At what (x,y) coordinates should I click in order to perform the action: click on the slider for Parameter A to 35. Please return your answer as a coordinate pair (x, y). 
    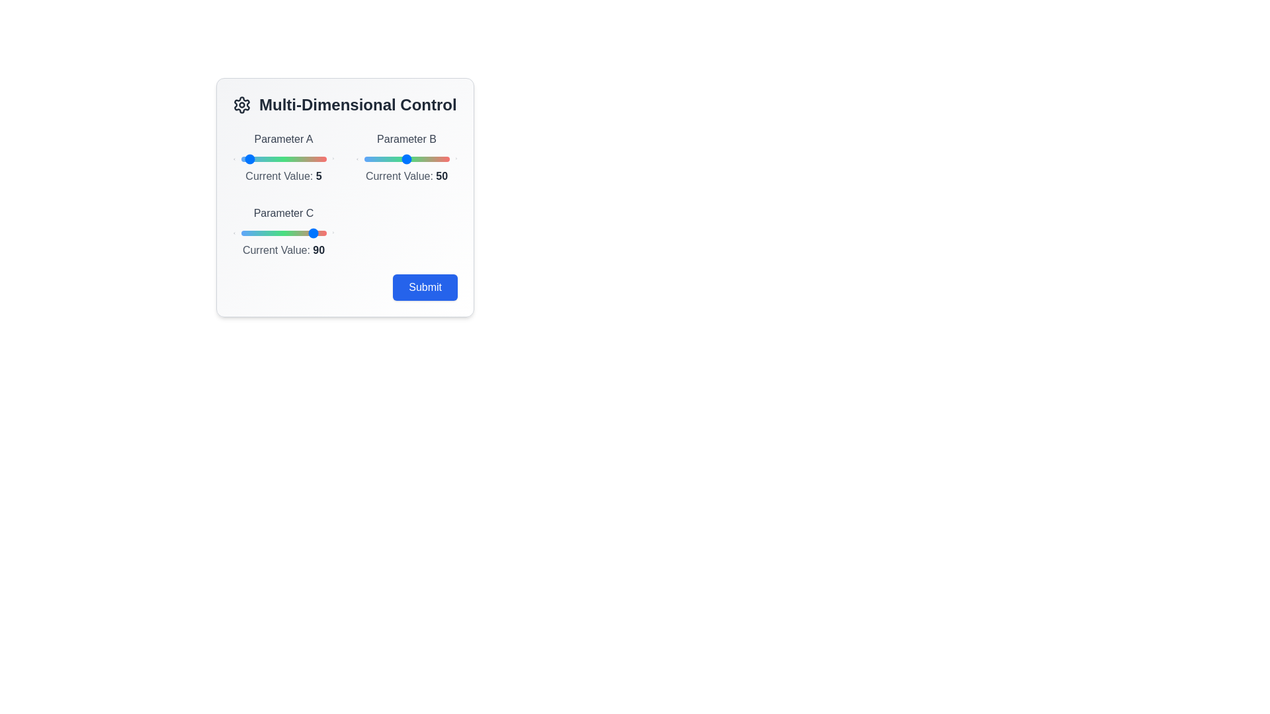
    Looking at the image, I should click on (270, 158).